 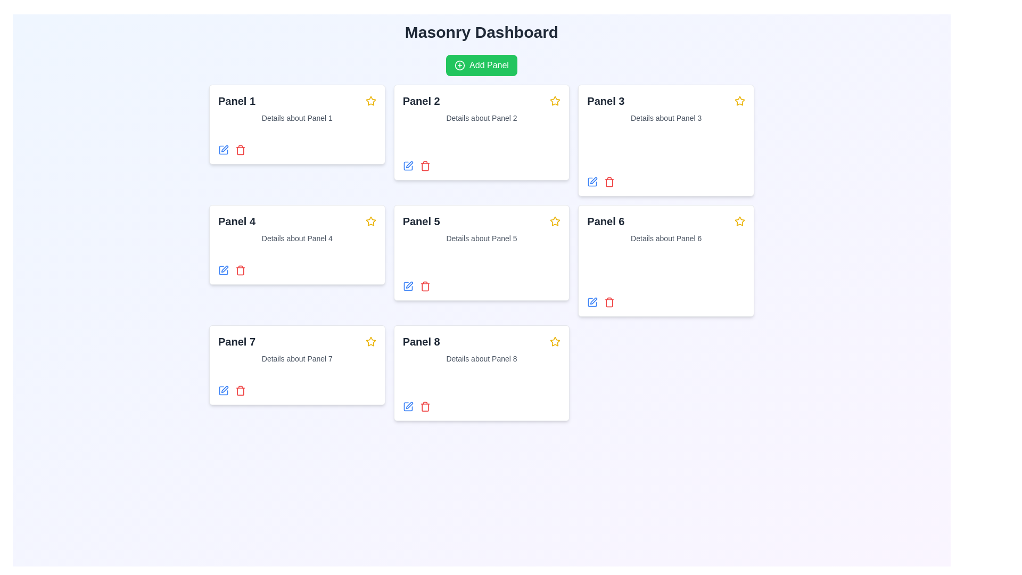 I want to click on the star-shaped icon in the upper-right corner of the card labeled 'Panel 7', so click(x=370, y=341).